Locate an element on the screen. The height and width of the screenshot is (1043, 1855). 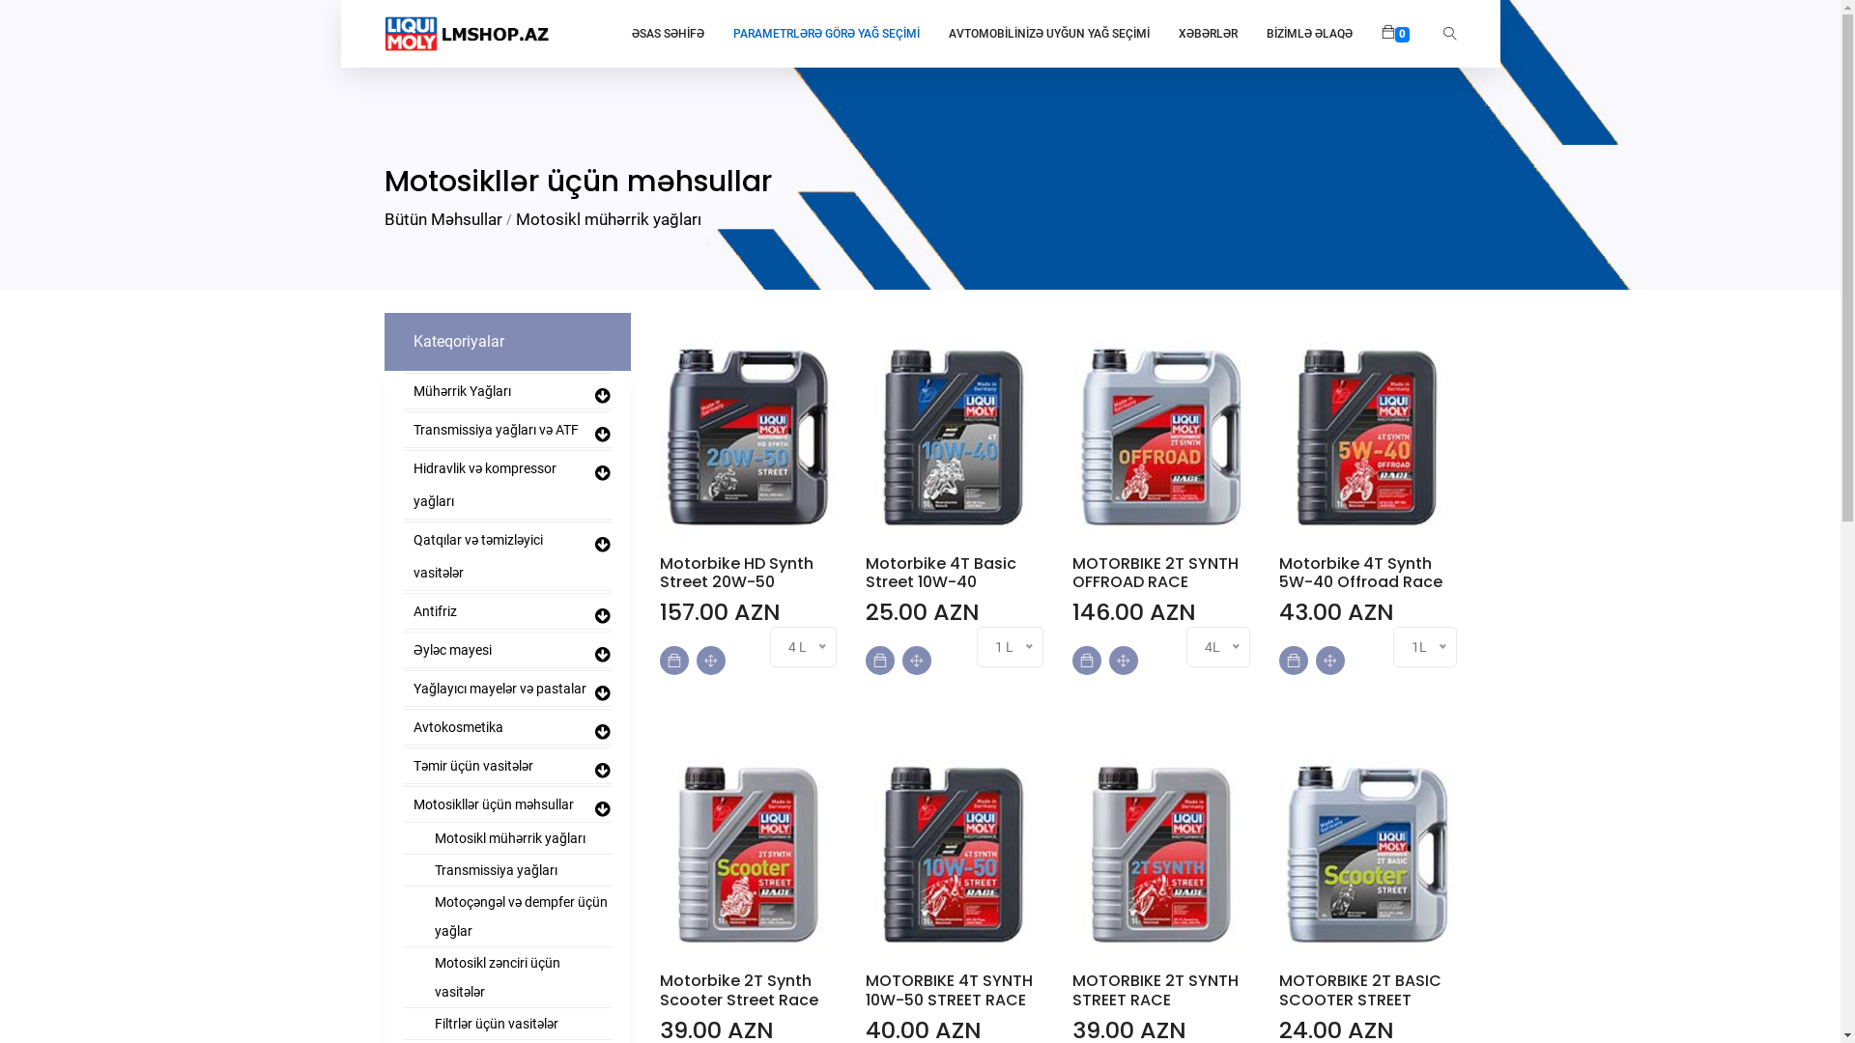
'Avtokosmetika' is located at coordinates (507, 727).